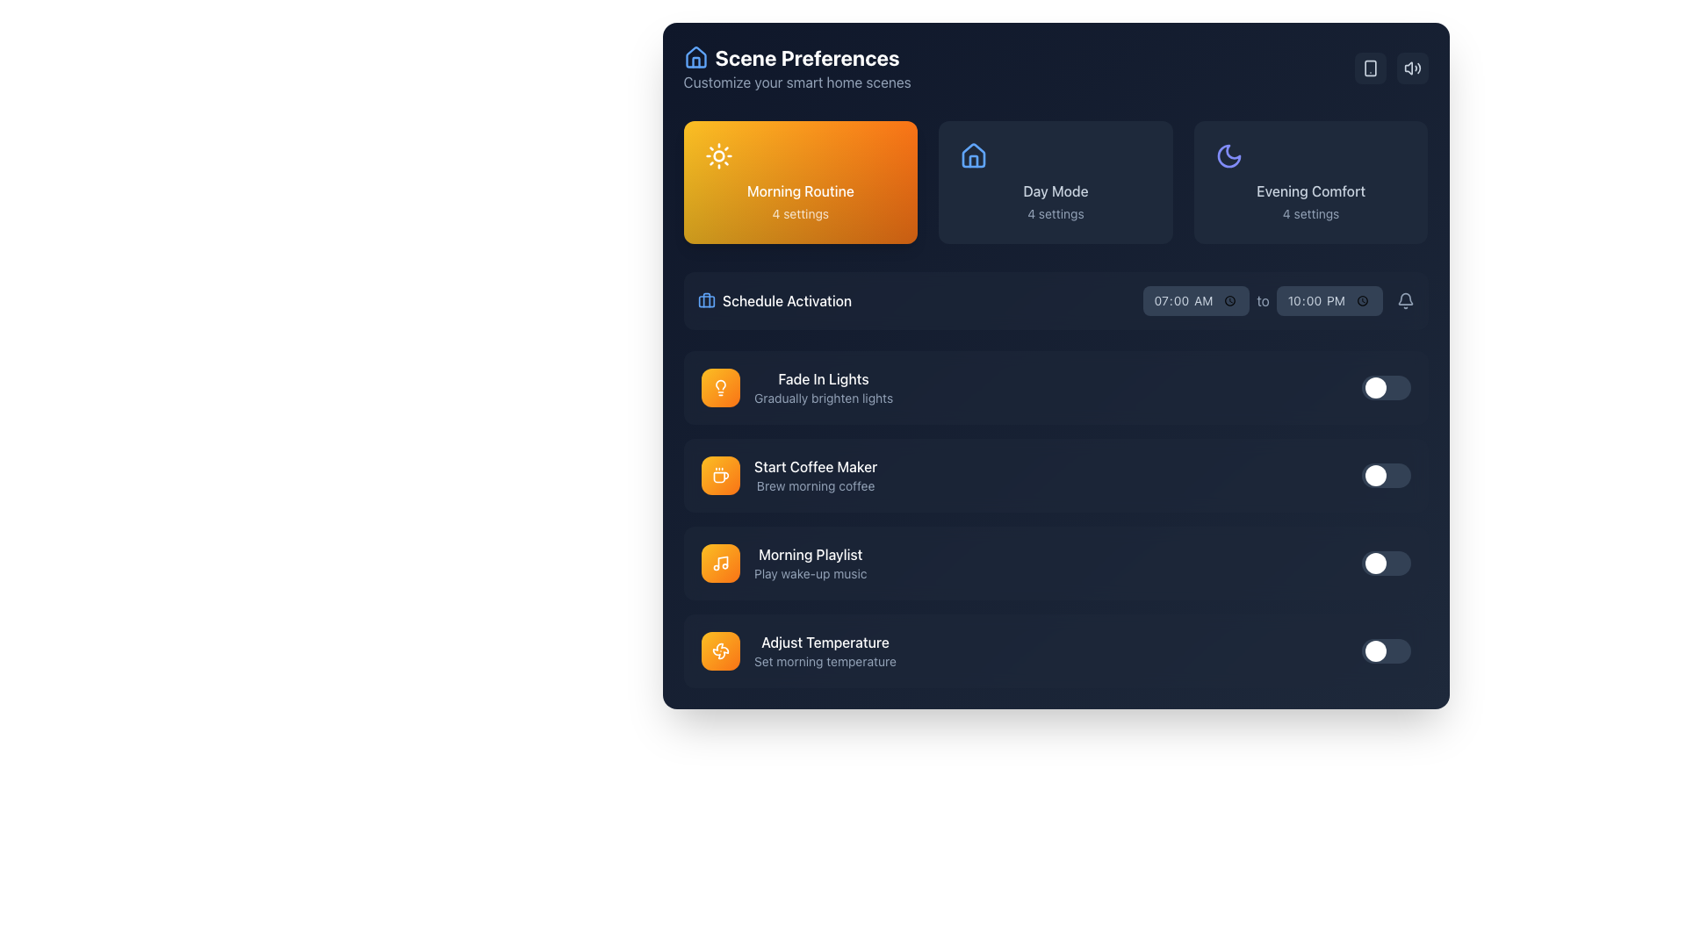  What do you see at coordinates (973, 154) in the screenshot?
I see `the house silhouette icon representing the 'Day Mode' option in the 'Scene Preferences' interface, which is styled with a blue stroke` at bounding box center [973, 154].